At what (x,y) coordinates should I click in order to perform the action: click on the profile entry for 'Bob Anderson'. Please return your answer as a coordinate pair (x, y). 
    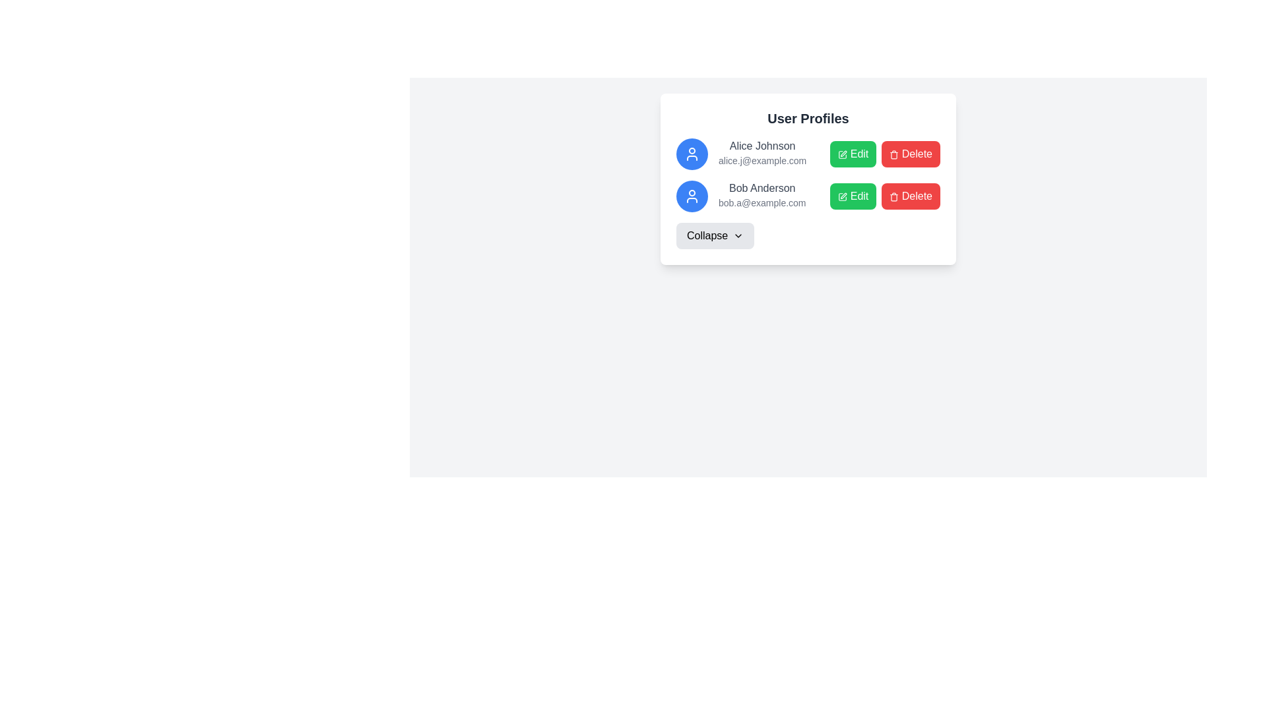
    Looking at the image, I should click on (741, 196).